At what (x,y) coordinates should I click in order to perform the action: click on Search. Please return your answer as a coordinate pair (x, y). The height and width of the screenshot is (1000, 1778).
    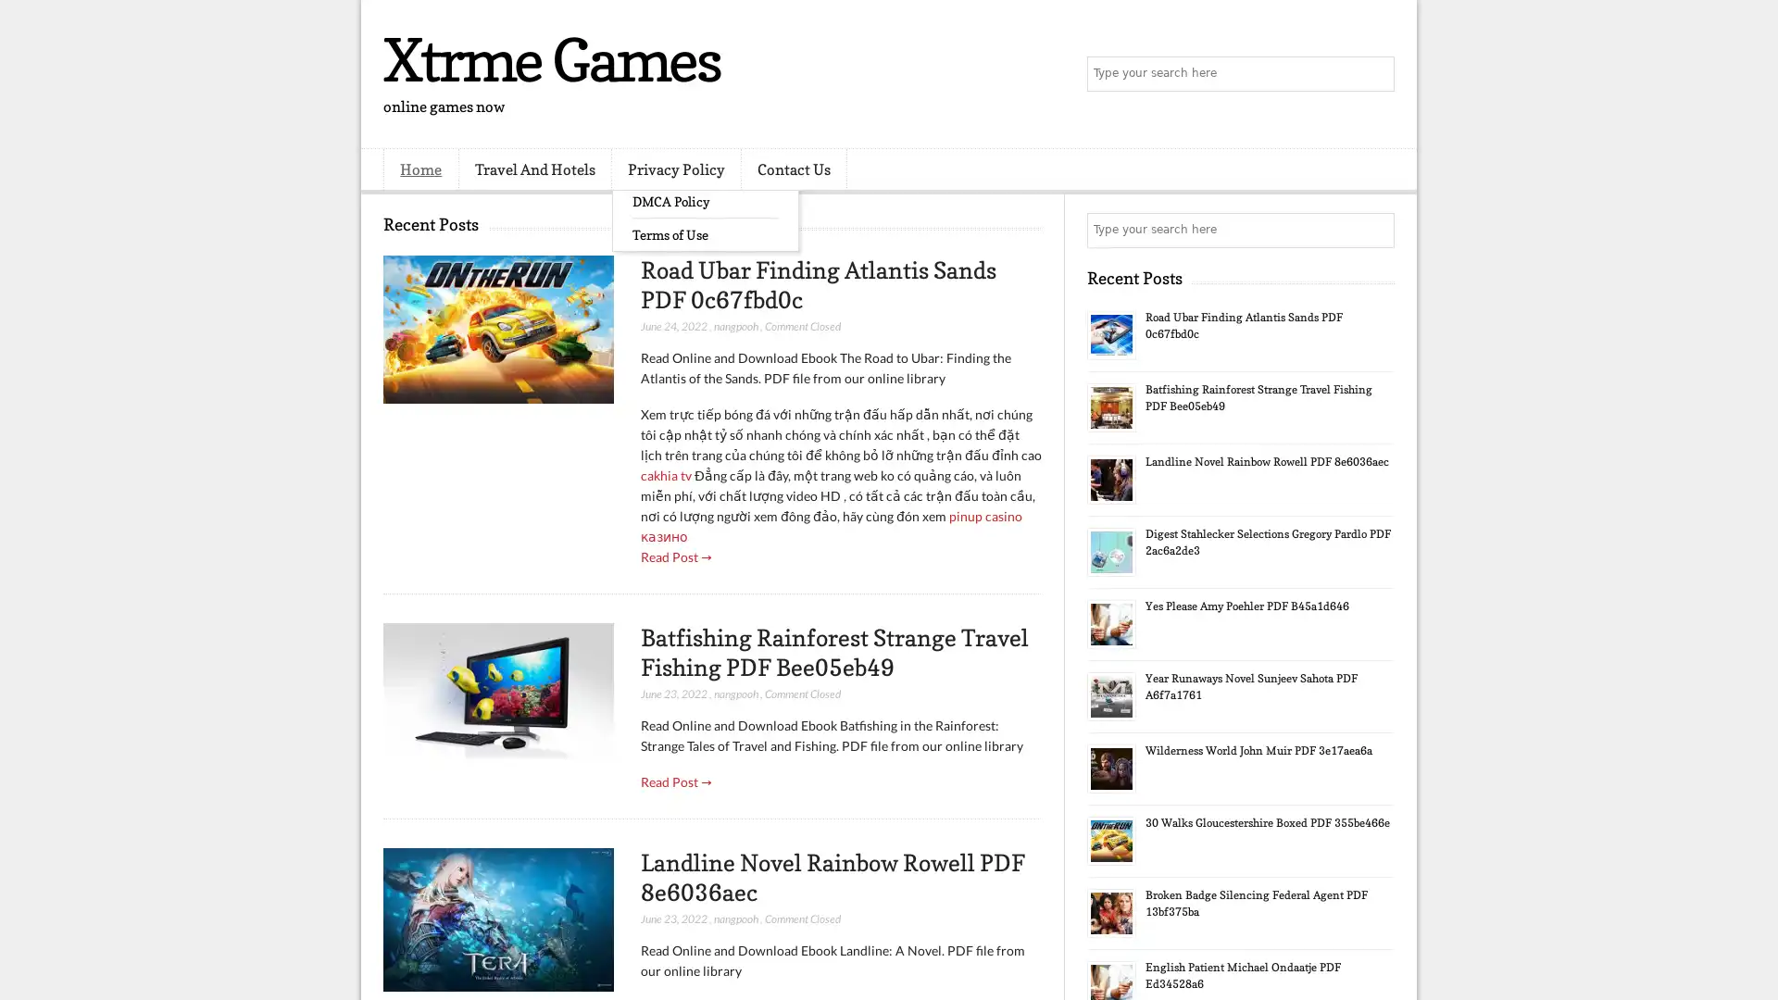
    Looking at the image, I should click on (1375, 74).